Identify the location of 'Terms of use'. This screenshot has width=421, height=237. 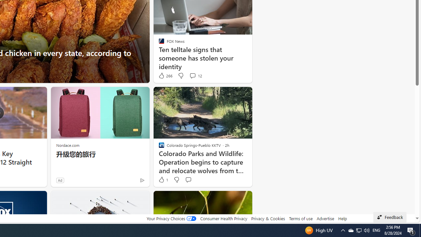
(300, 218).